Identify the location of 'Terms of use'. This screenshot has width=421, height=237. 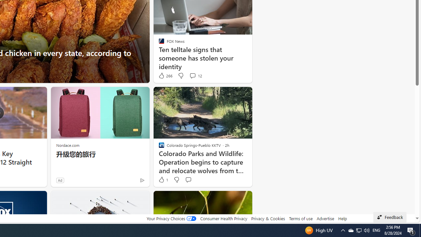
(300, 218).